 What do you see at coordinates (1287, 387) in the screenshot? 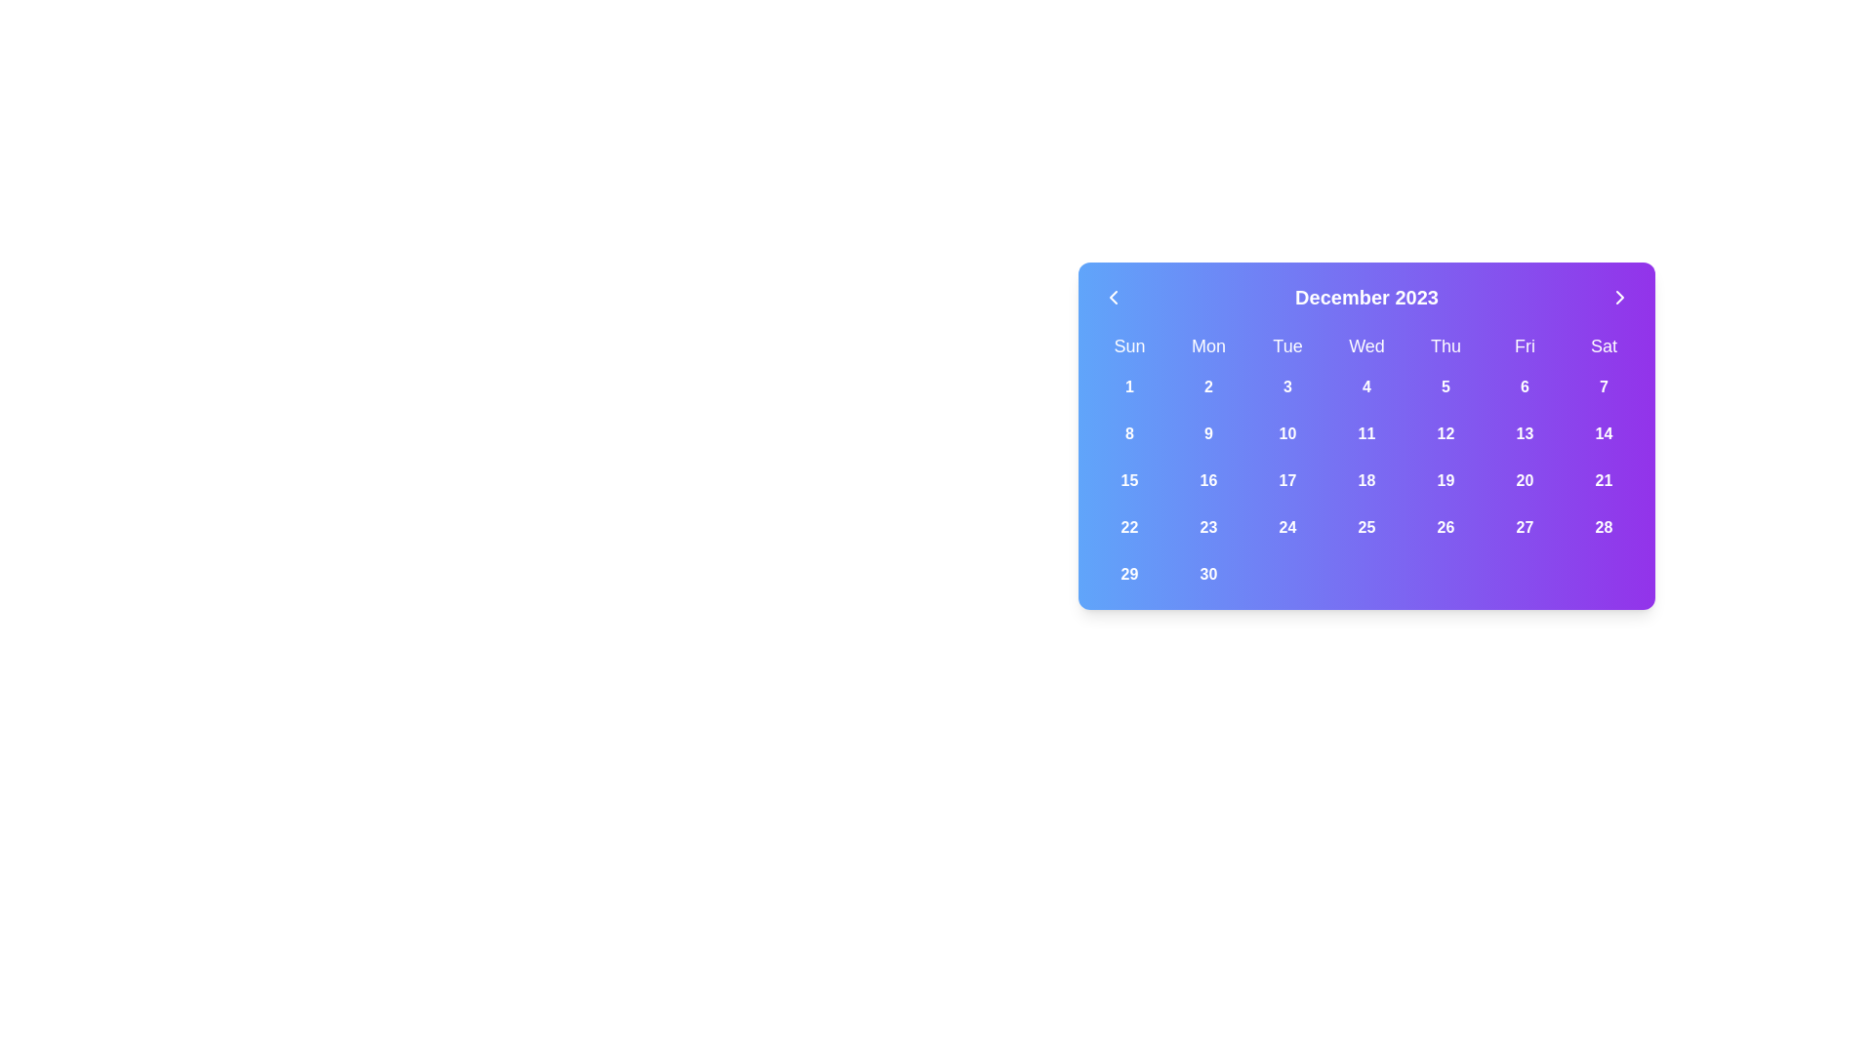
I see `the small, rounded rectangular button with a purple background displaying the text '3'` at bounding box center [1287, 387].